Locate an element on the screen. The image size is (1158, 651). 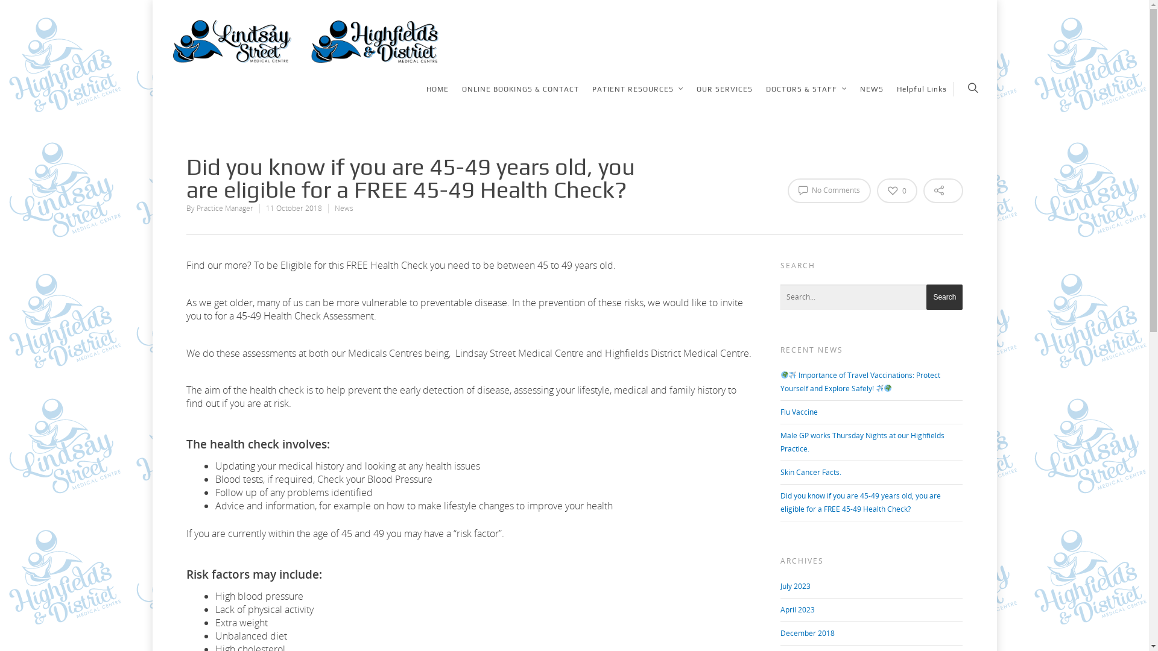
'Practice Manager' is located at coordinates (225, 207).